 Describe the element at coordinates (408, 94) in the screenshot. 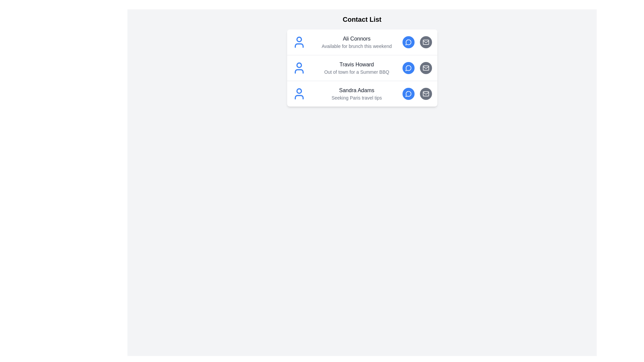

I see `the messaging button for the 'Sandra Adams' contact located in the last row of the contact listing interface` at that location.